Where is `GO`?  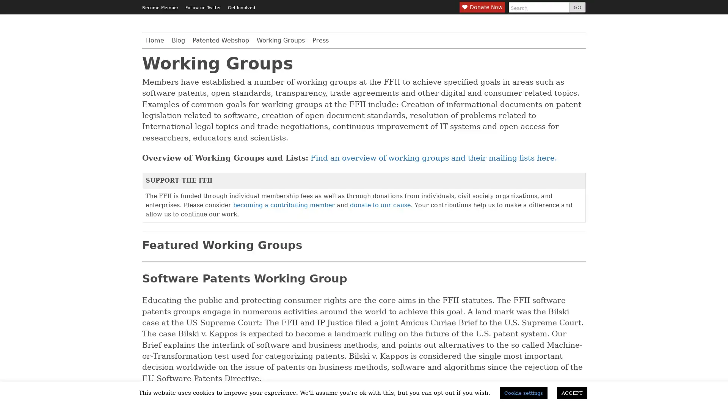
GO is located at coordinates (577, 7).